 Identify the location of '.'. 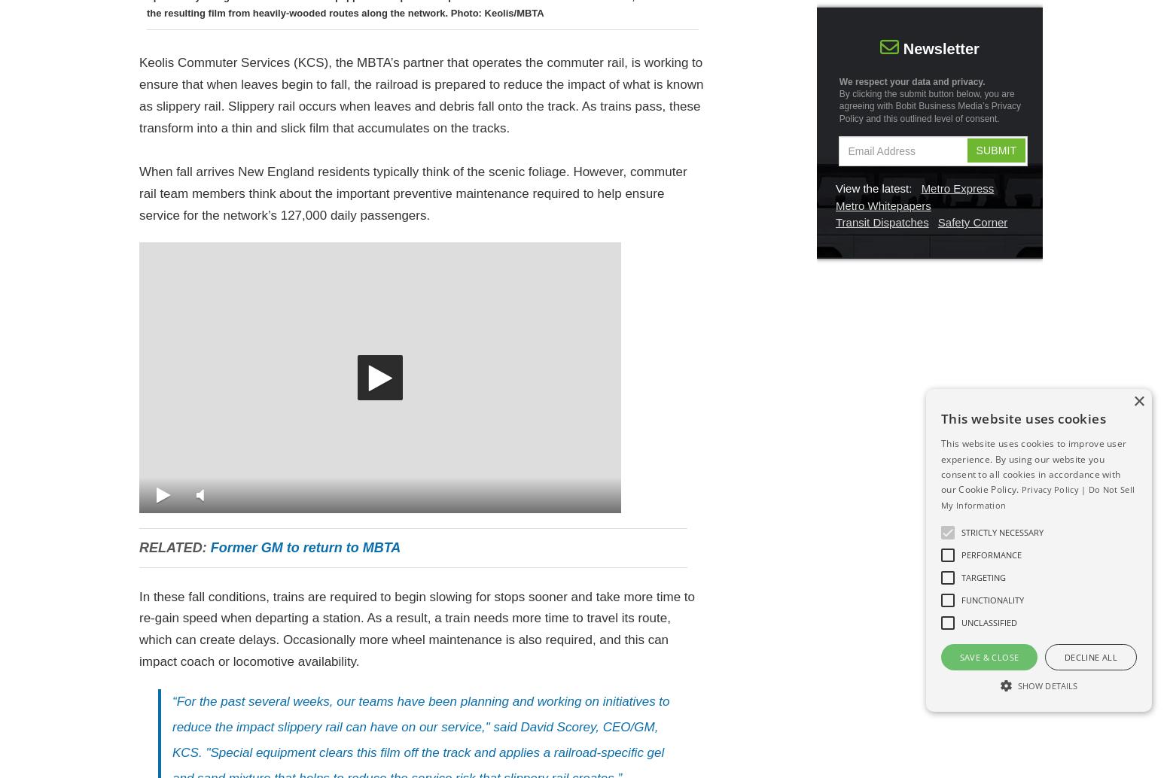
(998, 117).